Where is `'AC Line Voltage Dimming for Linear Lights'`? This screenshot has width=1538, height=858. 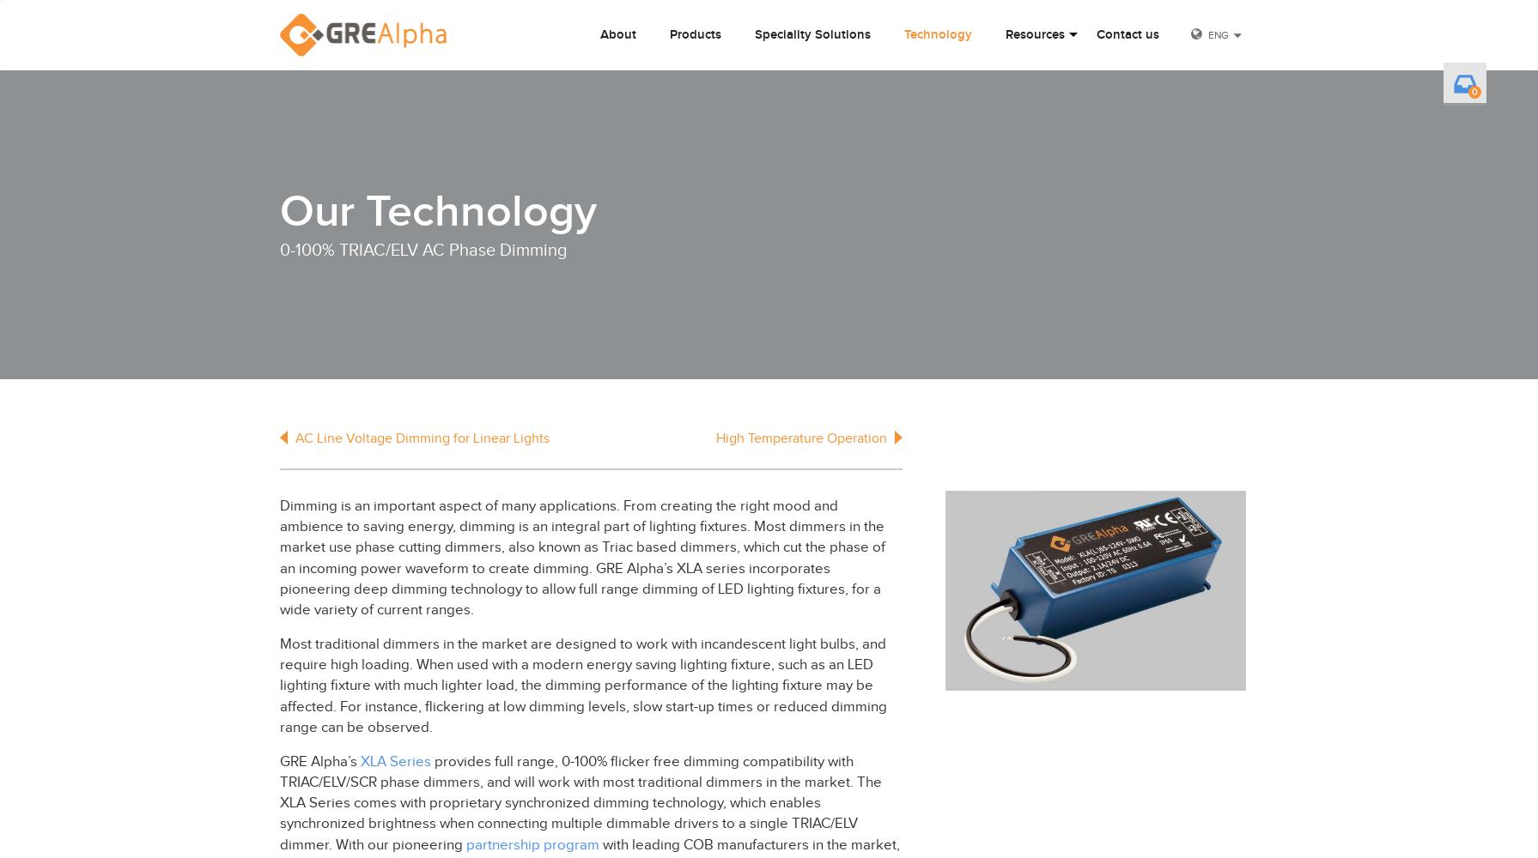
'AC Line Voltage Dimming for Linear Lights' is located at coordinates (294, 438).